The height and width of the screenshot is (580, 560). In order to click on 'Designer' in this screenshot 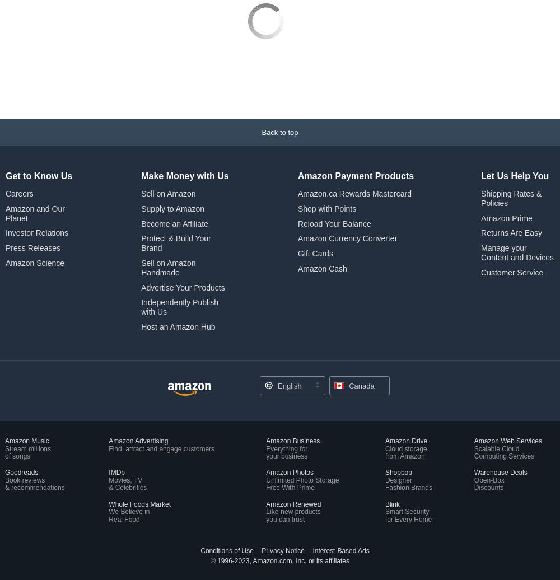, I will do `click(398, 405)`.